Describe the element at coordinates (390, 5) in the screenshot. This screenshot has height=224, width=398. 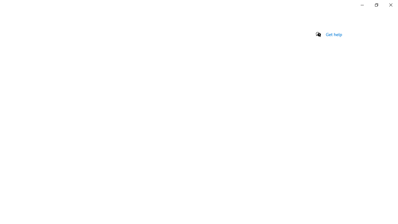
I see `'Close Settings'` at that location.